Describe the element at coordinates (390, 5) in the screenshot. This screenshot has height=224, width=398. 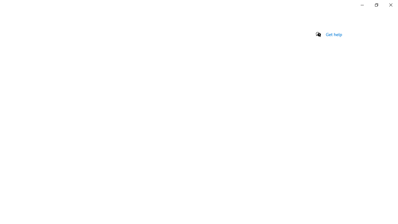
I see `'Close Settings'` at that location.